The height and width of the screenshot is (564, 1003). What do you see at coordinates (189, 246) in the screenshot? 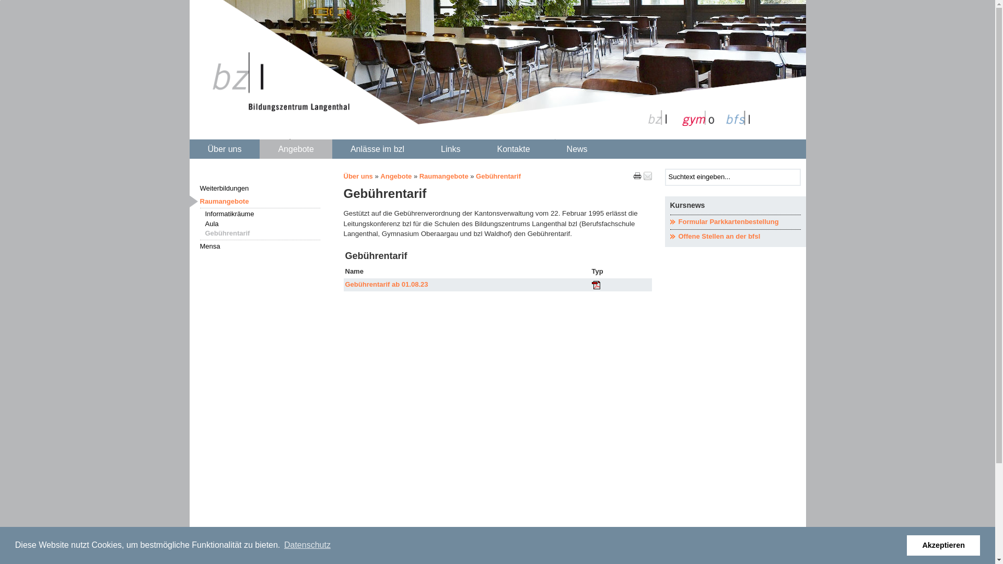
I see `'Mensa'` at bounding box center [189, 246].